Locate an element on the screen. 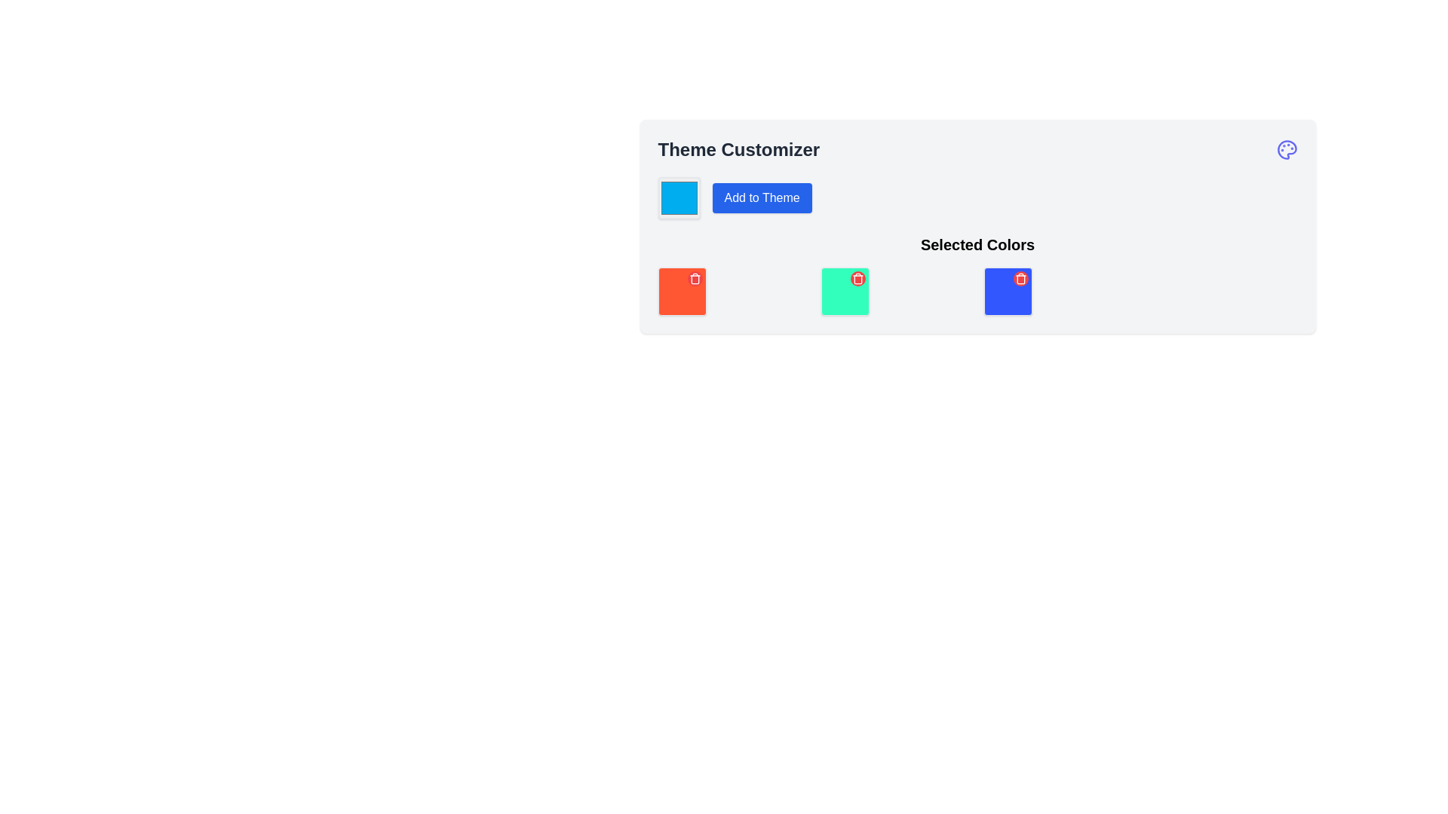  the delete icon button located at the top-right corner of the middle green square tile in the 'Selected Colors' section is located at coordinates (857, 279).